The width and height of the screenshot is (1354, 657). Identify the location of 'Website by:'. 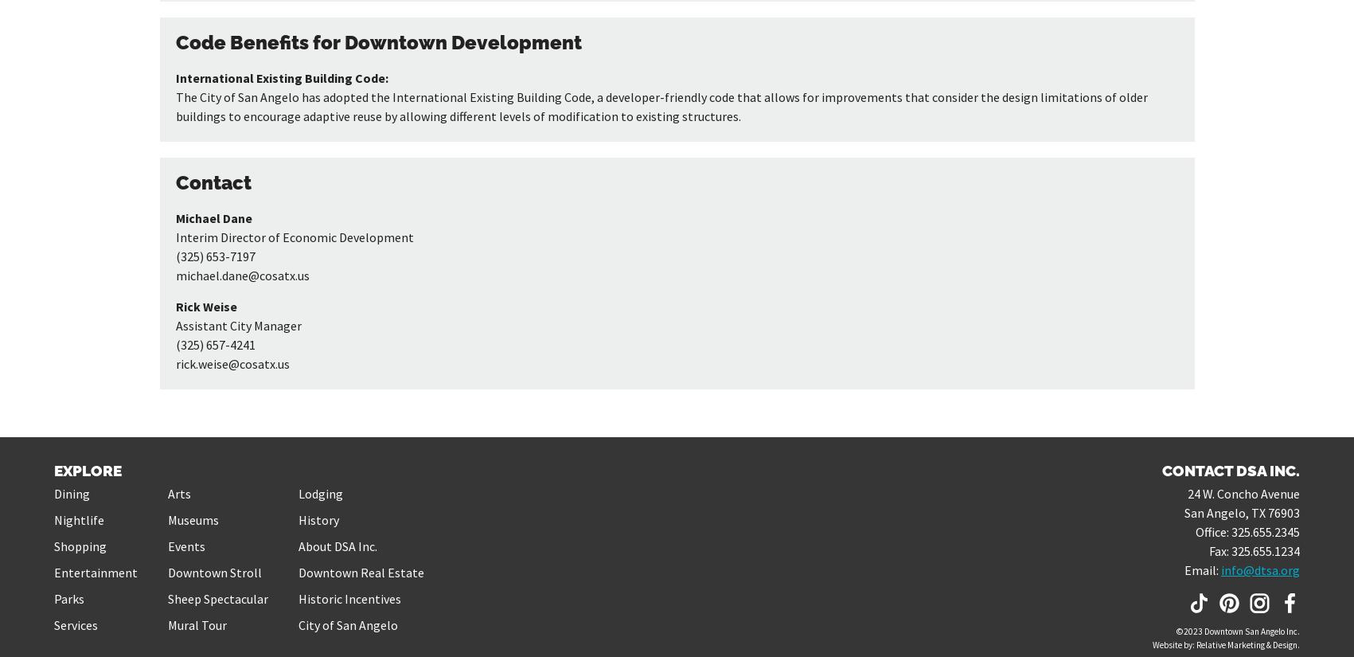
(1173, 643).